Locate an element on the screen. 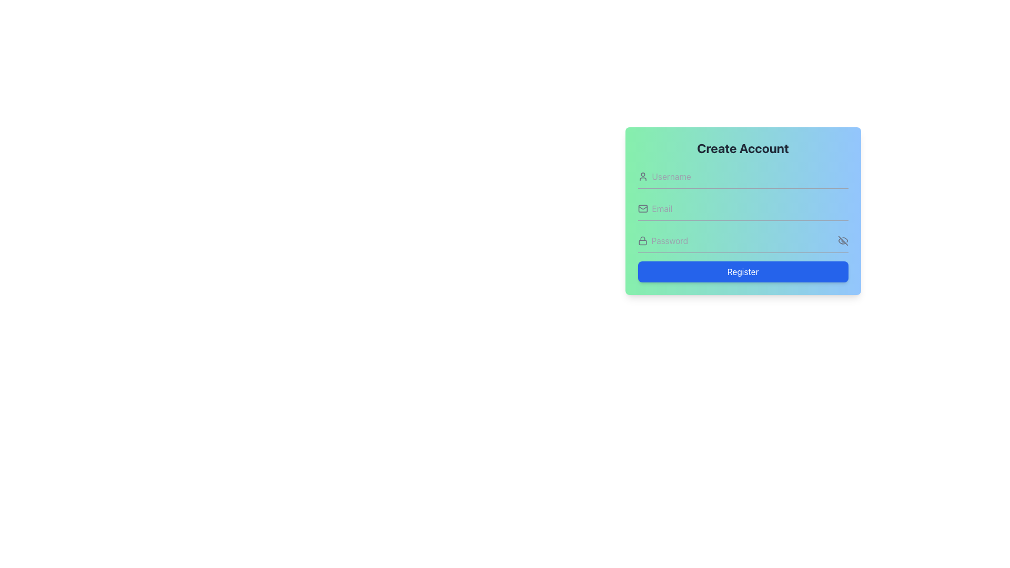 This screenshot has height=568, width=1010. the 'Register' button located at the bottom of the registration form is located at coordinates (742, 271).